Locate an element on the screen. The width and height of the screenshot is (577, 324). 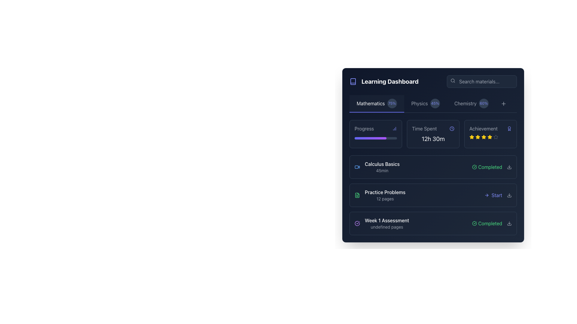
the text label displaying '12h 30m' that indicates the time spent, located on the right side within the 'Time Spent' area is located at coordinates (433, 139).